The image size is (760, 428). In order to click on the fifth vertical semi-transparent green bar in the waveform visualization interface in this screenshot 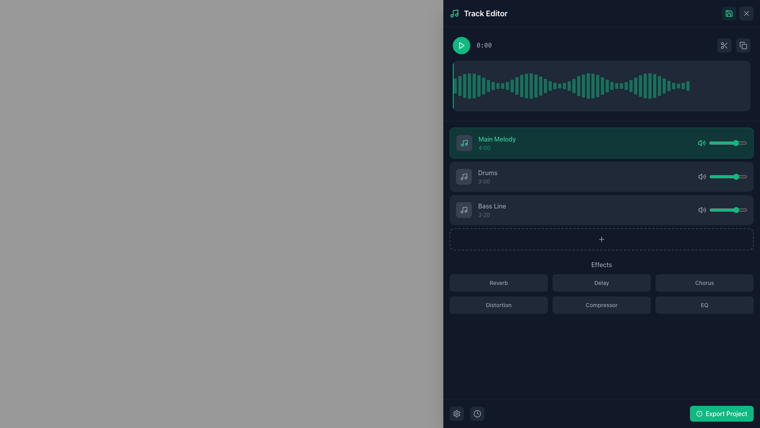, I will do `click(474, 86)`.